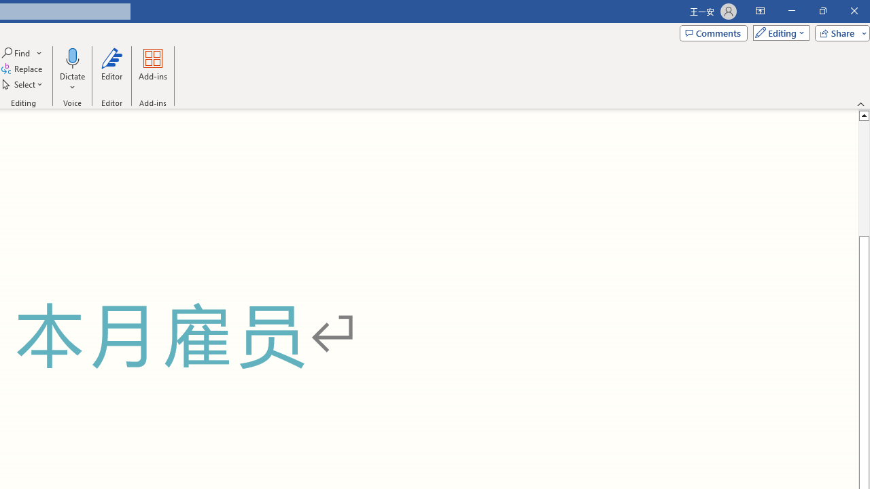 This screenshot has height=489, width=870. I want to click on 'Editing', so click(778, 32).